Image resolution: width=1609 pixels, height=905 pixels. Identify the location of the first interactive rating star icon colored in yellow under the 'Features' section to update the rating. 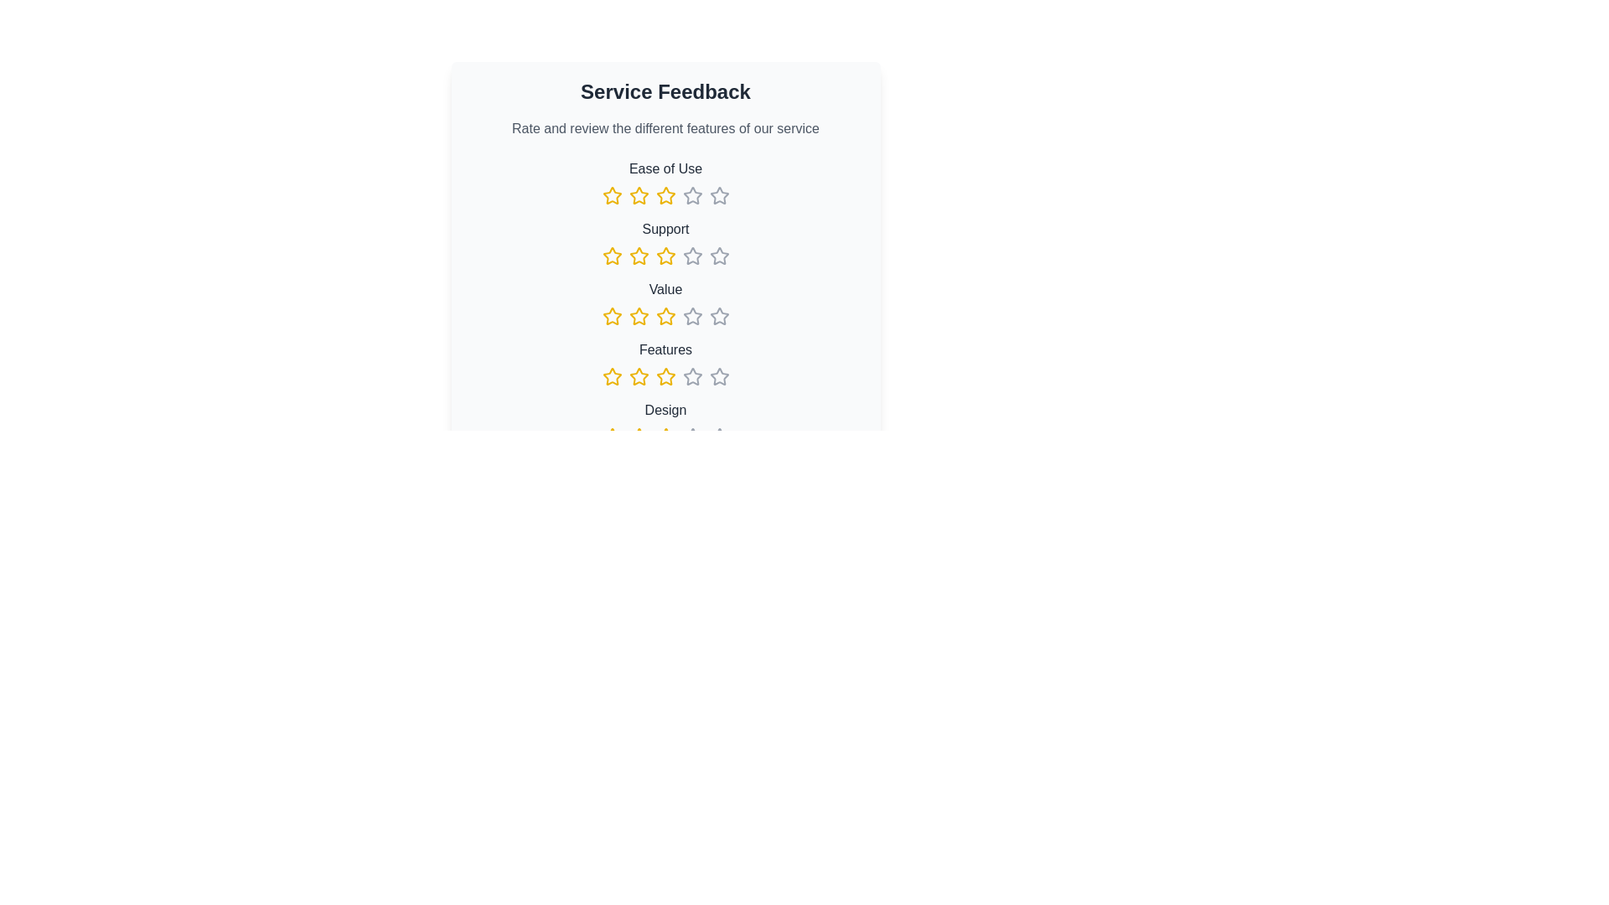
(611, 377).